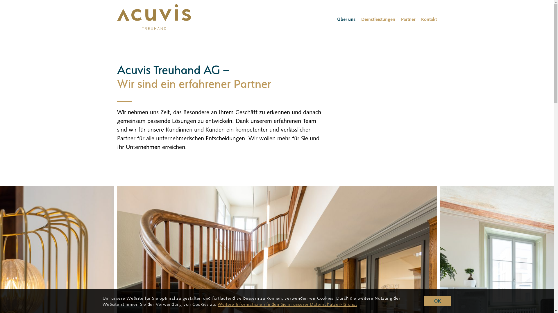  Describe the element at coordinates (428, 19) in the screenshot. I see `'Kontakt'` at that location.